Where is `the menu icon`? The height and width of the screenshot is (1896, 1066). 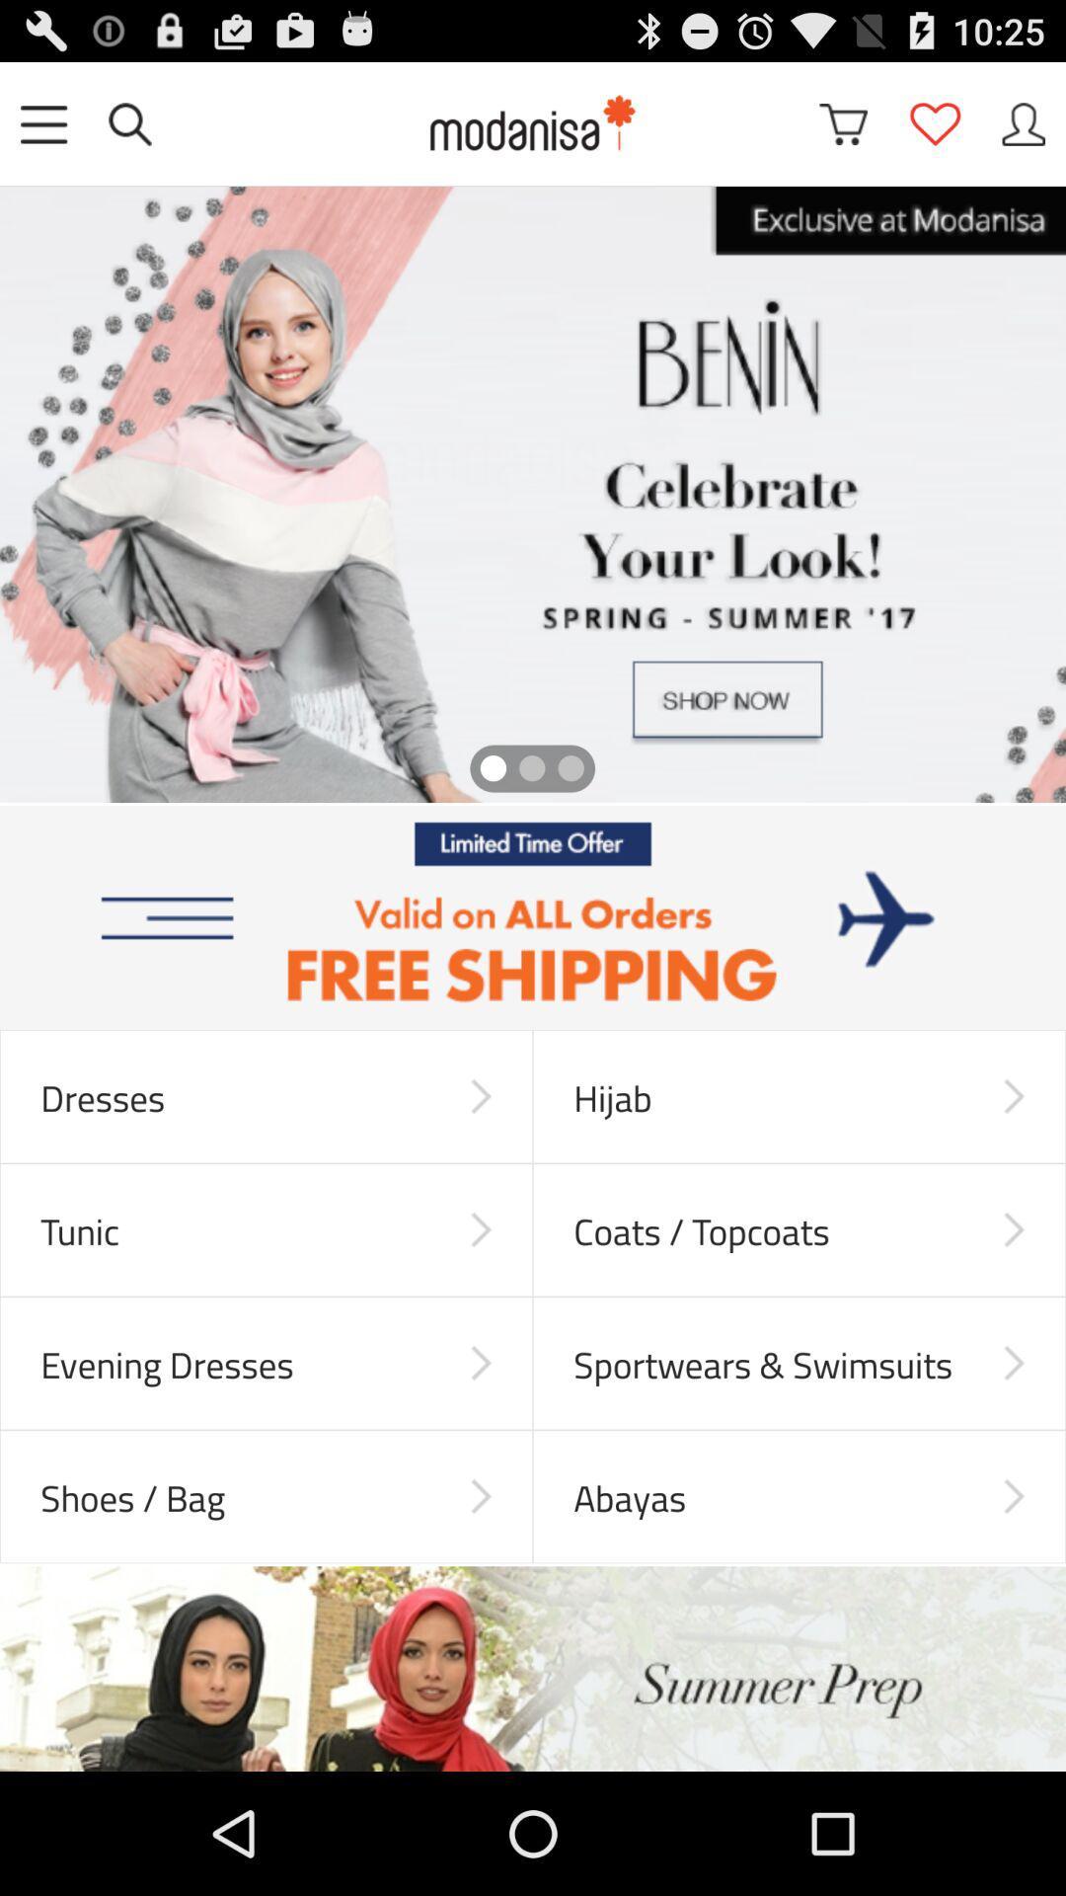
the menu icon is located at coordinates (43, 131).